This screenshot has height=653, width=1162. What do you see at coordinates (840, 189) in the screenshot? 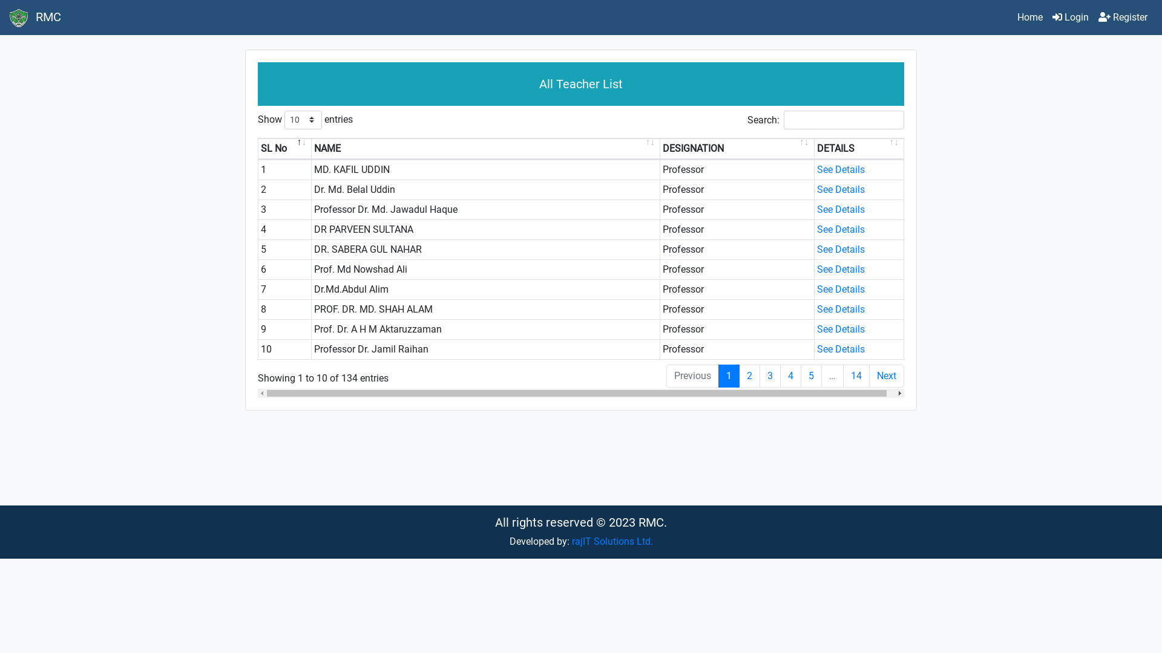
I see `'See Details'` at bounding box center [840, 189].